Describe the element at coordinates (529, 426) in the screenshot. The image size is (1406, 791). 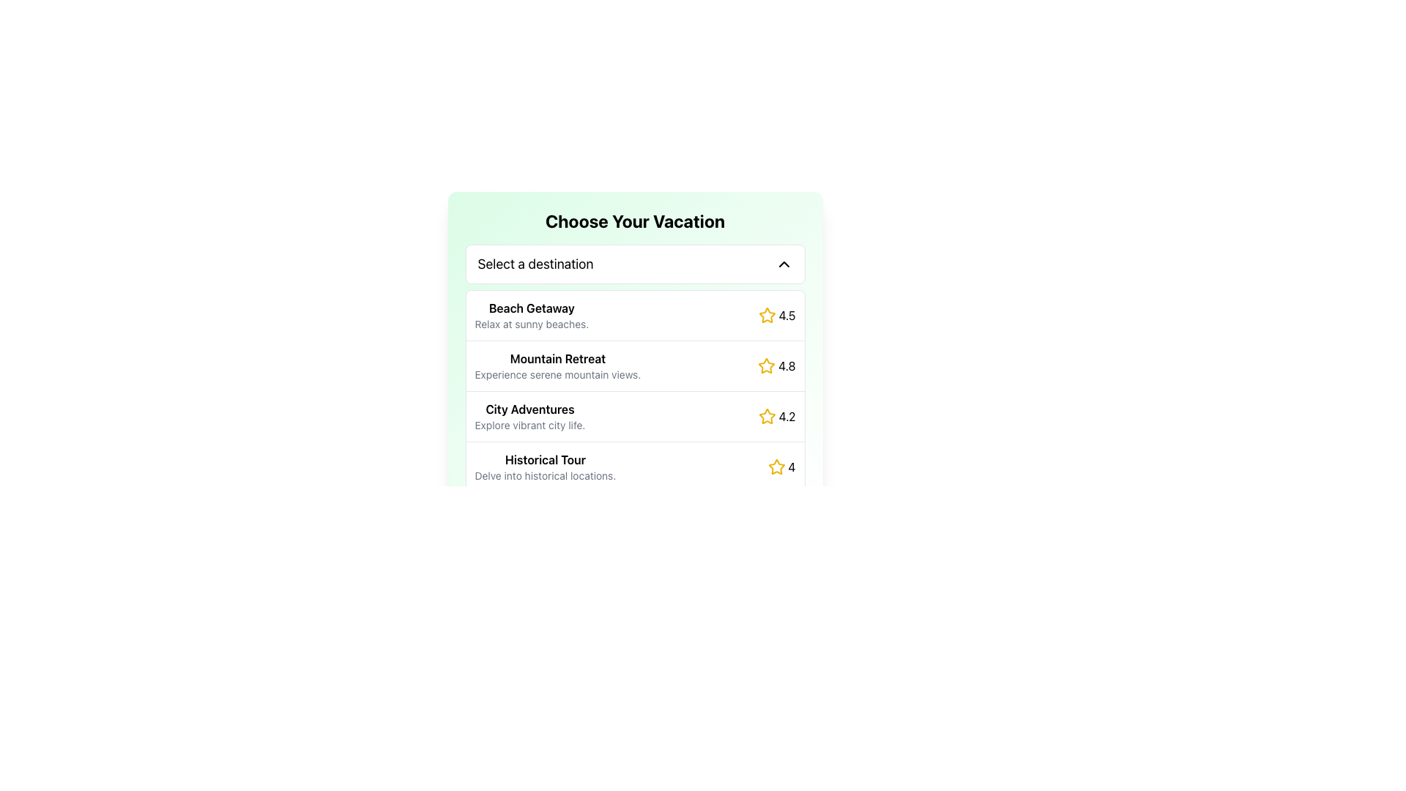
I see `subtitle text labeled 'Explore vibrant city life.' which is positioned directly below the 'City Adventures' heading` at that location.